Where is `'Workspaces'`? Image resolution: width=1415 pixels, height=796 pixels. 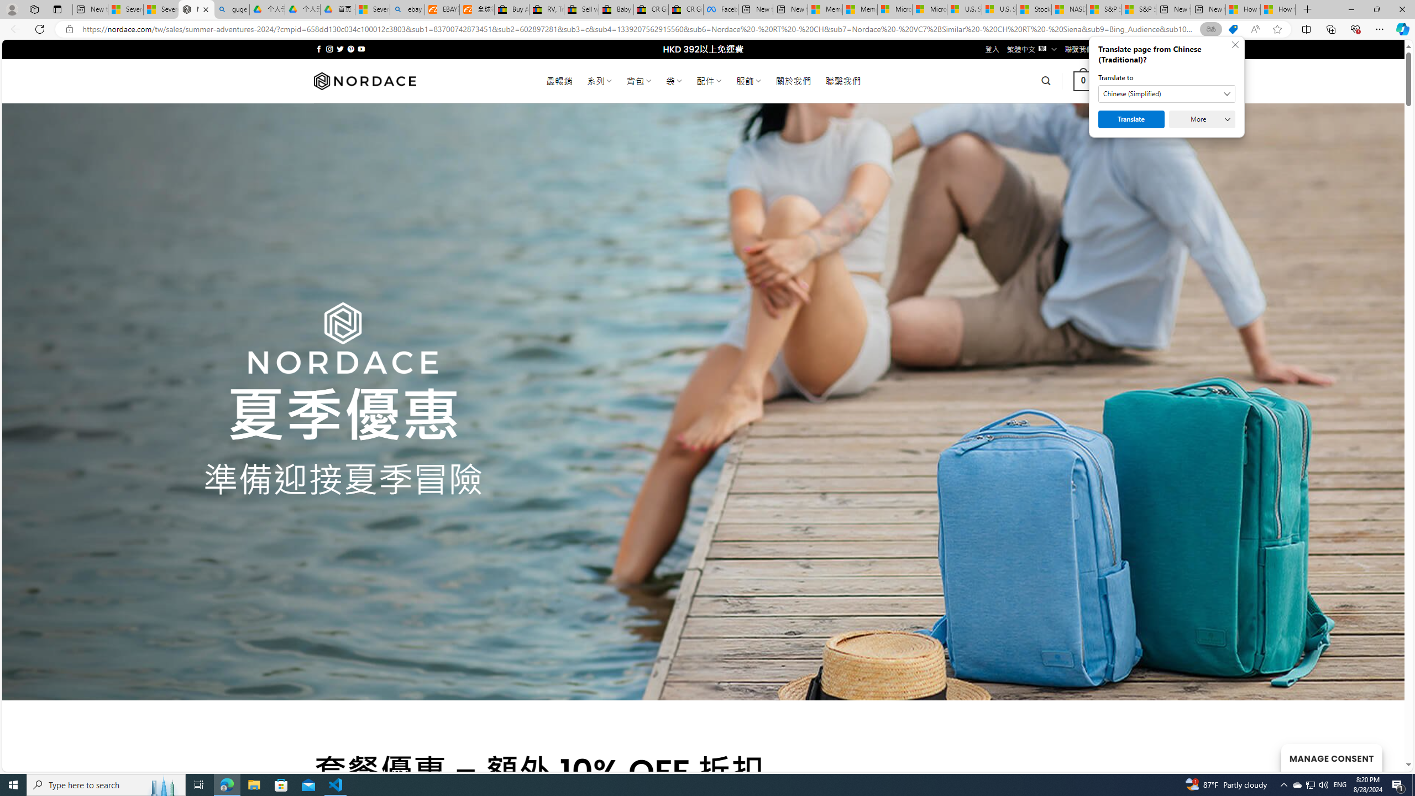
'Workspaces' is located at coordinates (34, 9).